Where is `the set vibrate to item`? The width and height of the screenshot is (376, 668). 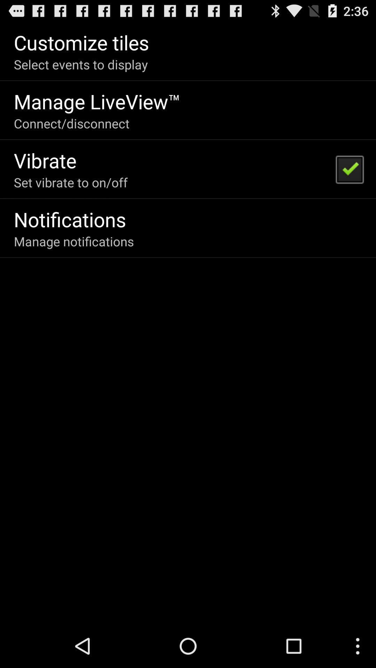
the set vibrate to item is located at coordinates (71, 182).